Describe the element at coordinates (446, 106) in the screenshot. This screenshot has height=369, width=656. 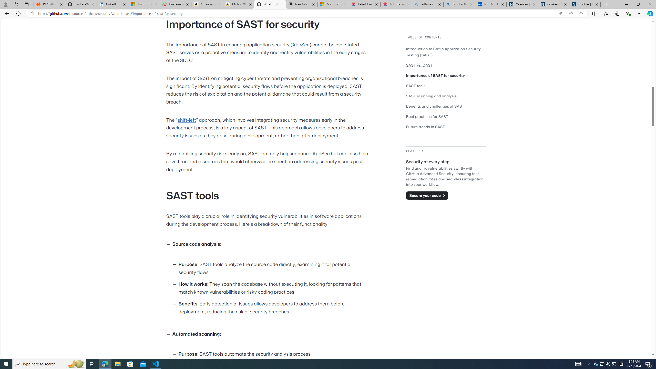
I see `'Benefits and challenges of SAST'` at that location.